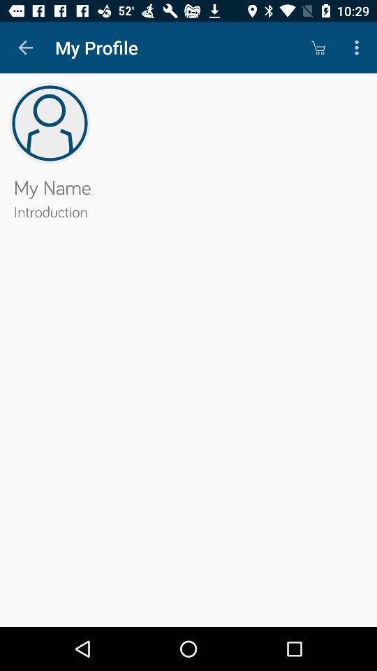 The image size is (377, 671). I want to click on icon next to my profile, so click(318, 48).